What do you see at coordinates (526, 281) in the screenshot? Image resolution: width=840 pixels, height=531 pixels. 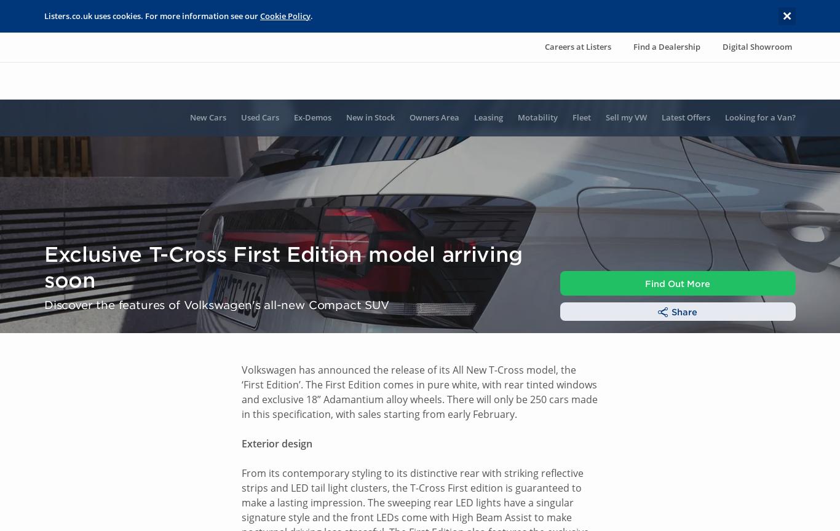 I see `'Data Privacy Notice'` at bounding box center [526, 281].